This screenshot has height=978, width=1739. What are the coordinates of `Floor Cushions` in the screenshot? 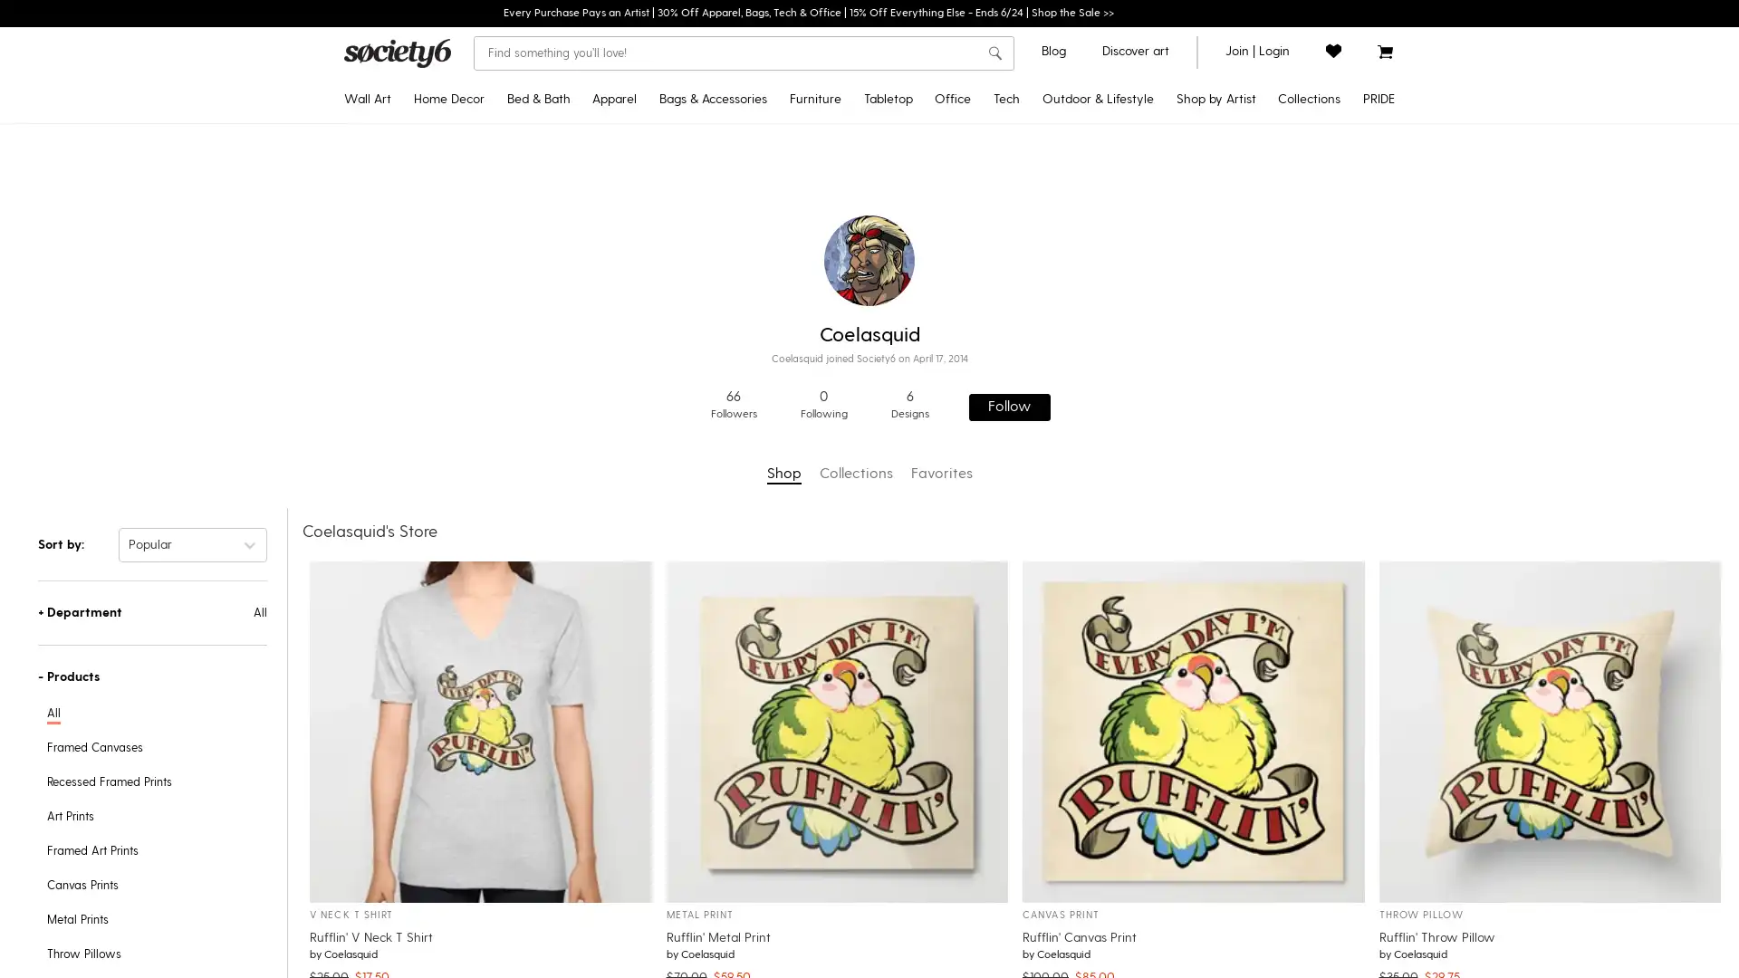 It's located at (1121, 524).